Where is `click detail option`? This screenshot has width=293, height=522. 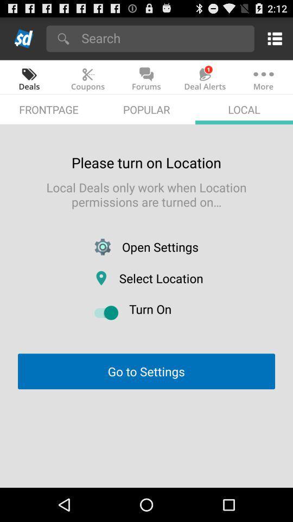 click detail option is located at coordinates (272, 38).